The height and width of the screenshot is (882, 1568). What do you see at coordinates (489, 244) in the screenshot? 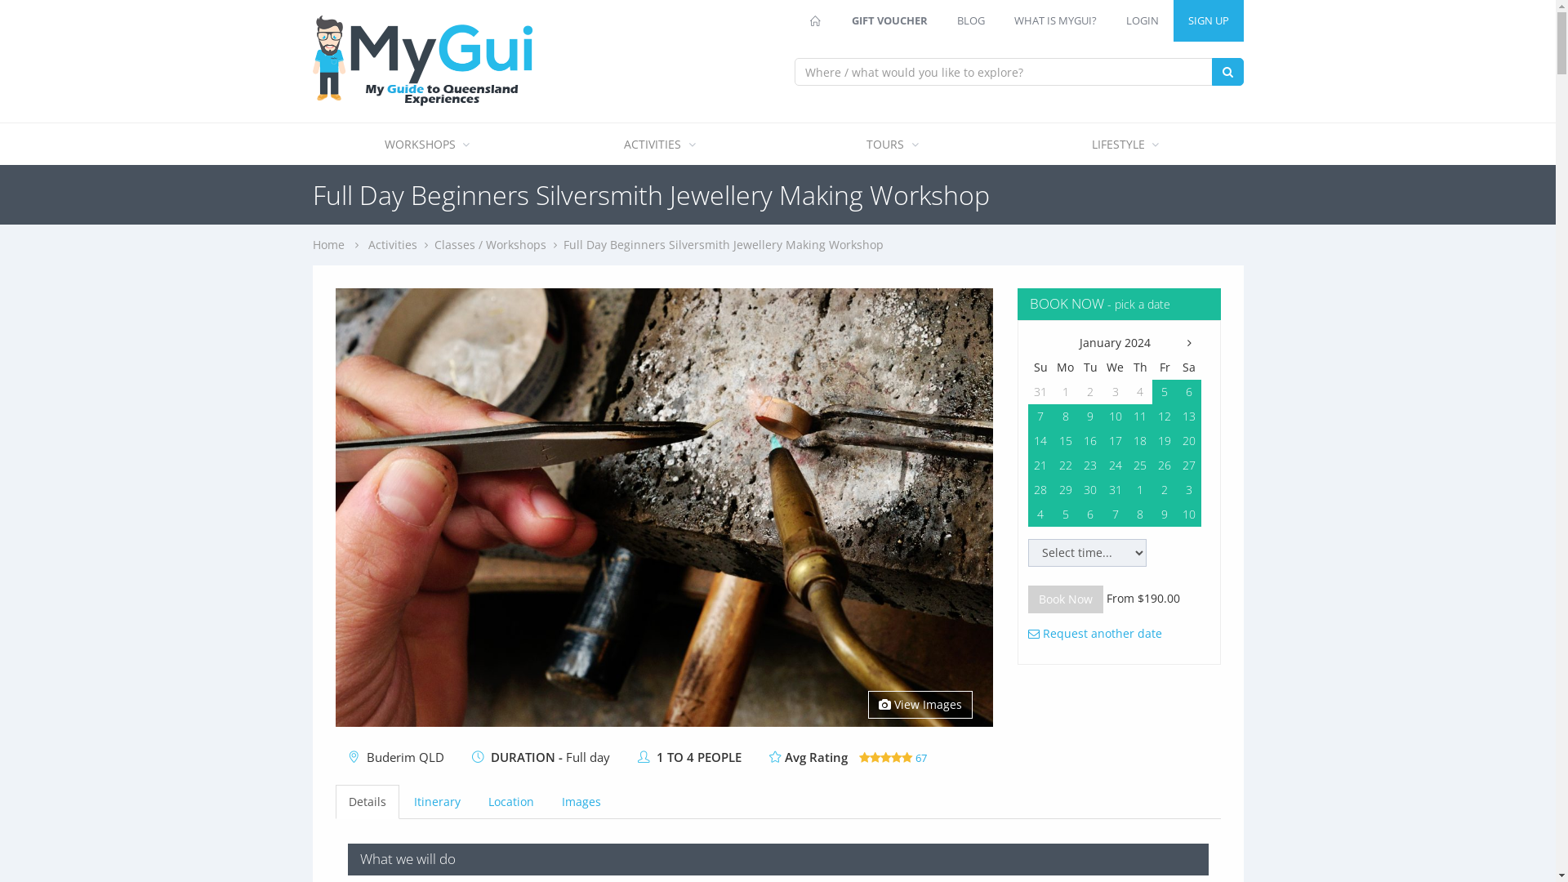
I see `'Classes / Workshops'` at bounding box center [489, 244].